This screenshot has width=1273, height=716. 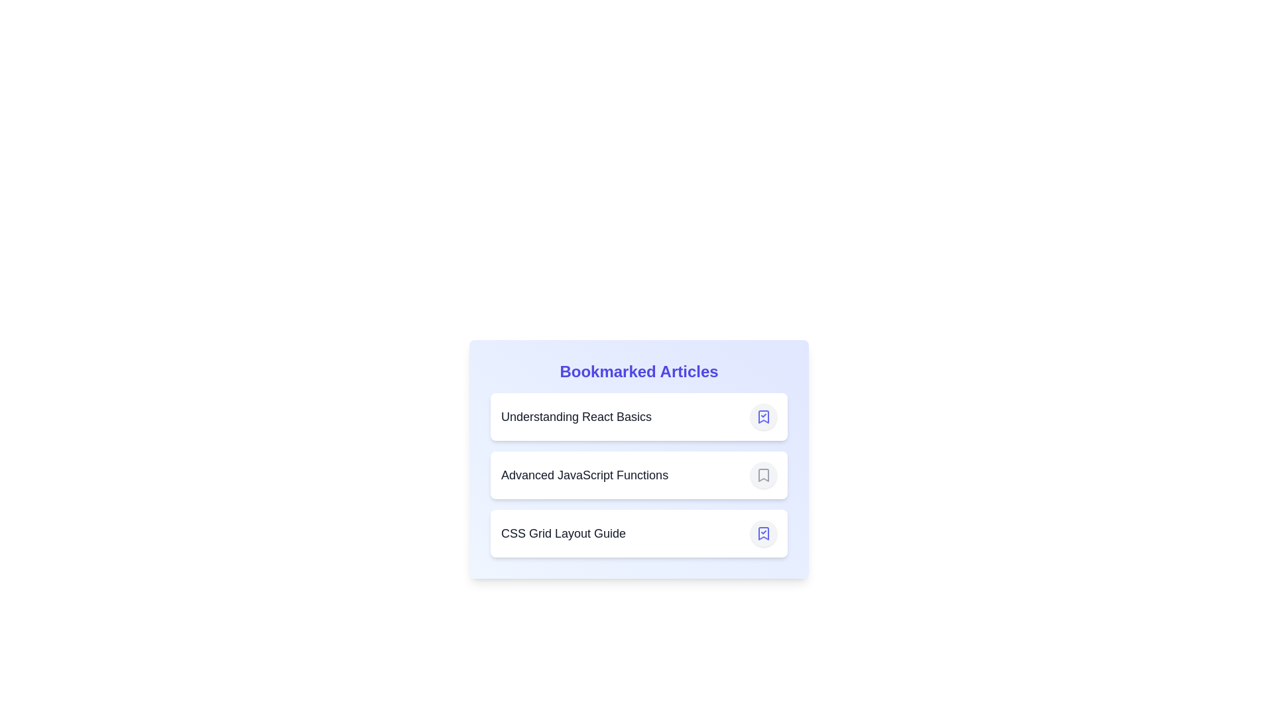 I want to click on the article item titled Advanced JavaScript Functions, so click(x=639, y=475).